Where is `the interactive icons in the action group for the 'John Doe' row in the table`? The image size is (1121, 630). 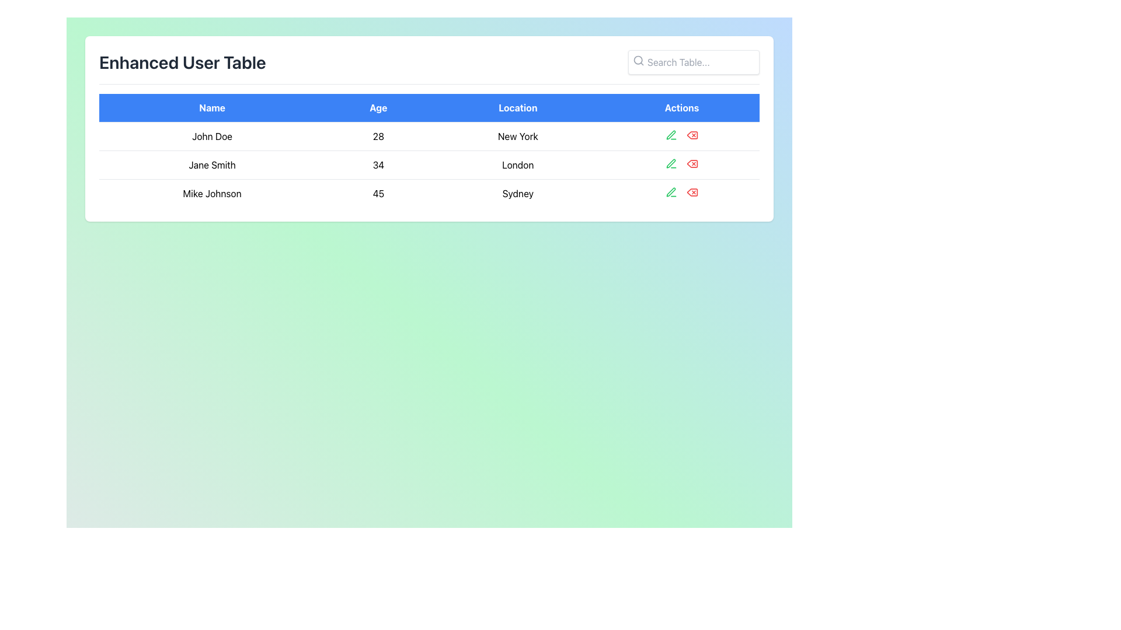 the interactive icons in the action group for the 'John Doe' row in the table is located at coordinates (681, 134).